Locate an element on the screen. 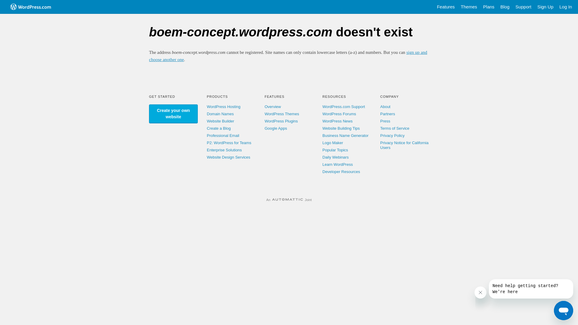 The image size is (578, 325). 'P2: WordPress for Teams' is located at coordinates (229, 143).